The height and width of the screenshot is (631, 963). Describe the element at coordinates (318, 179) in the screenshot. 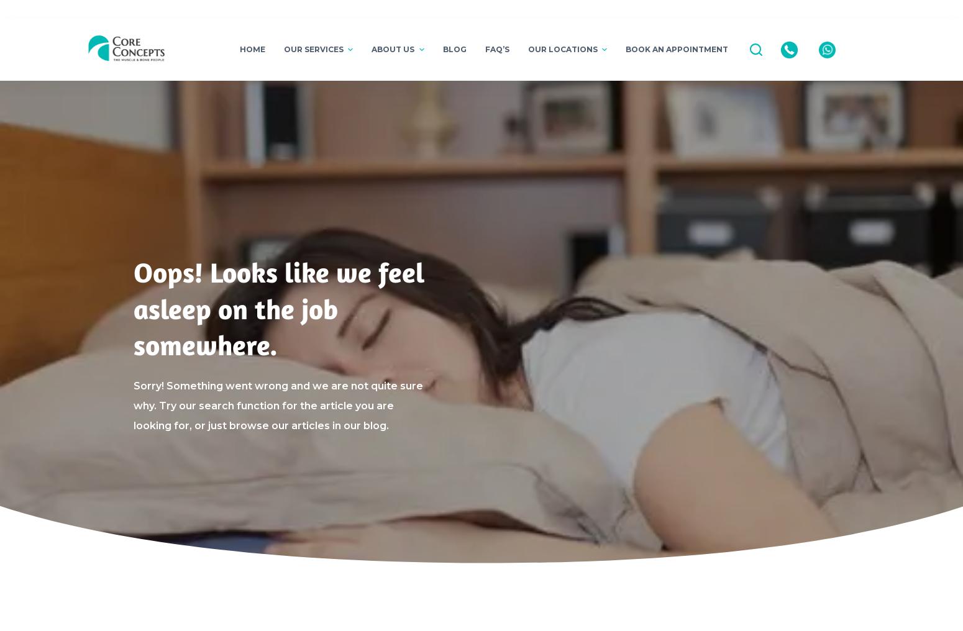

I see `'Elbow & Wrist Pain Physiotherapy'` at that location.